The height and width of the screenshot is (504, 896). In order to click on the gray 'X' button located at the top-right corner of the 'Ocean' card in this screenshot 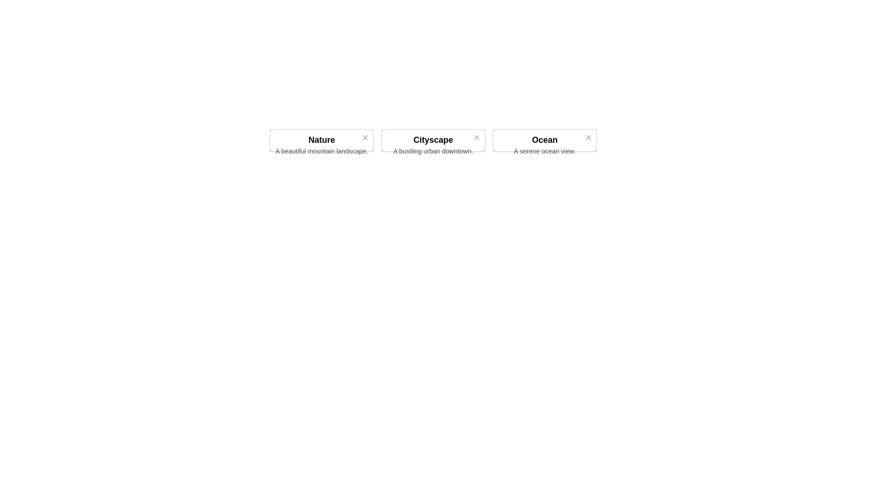, I will do `click(588, 139)`.